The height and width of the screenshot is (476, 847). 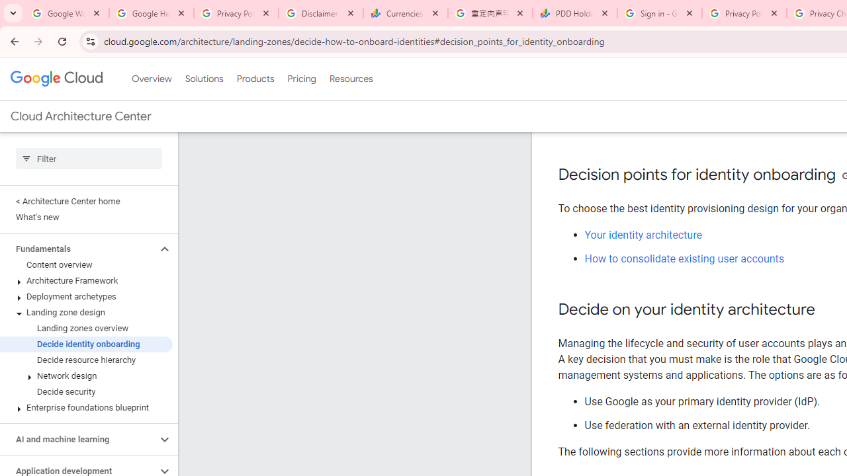 What do you see at coordinates (85, 201) in the screenshot?
I see `'< Architecture Center home'` at bounding box center [85, 201].